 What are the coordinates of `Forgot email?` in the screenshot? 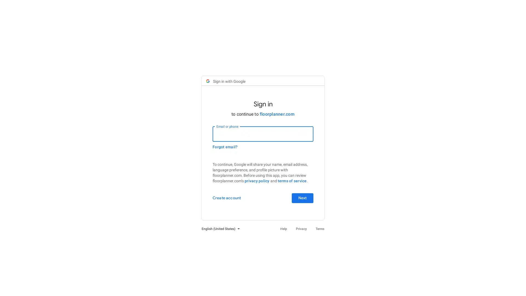 It's located at (225, 147).